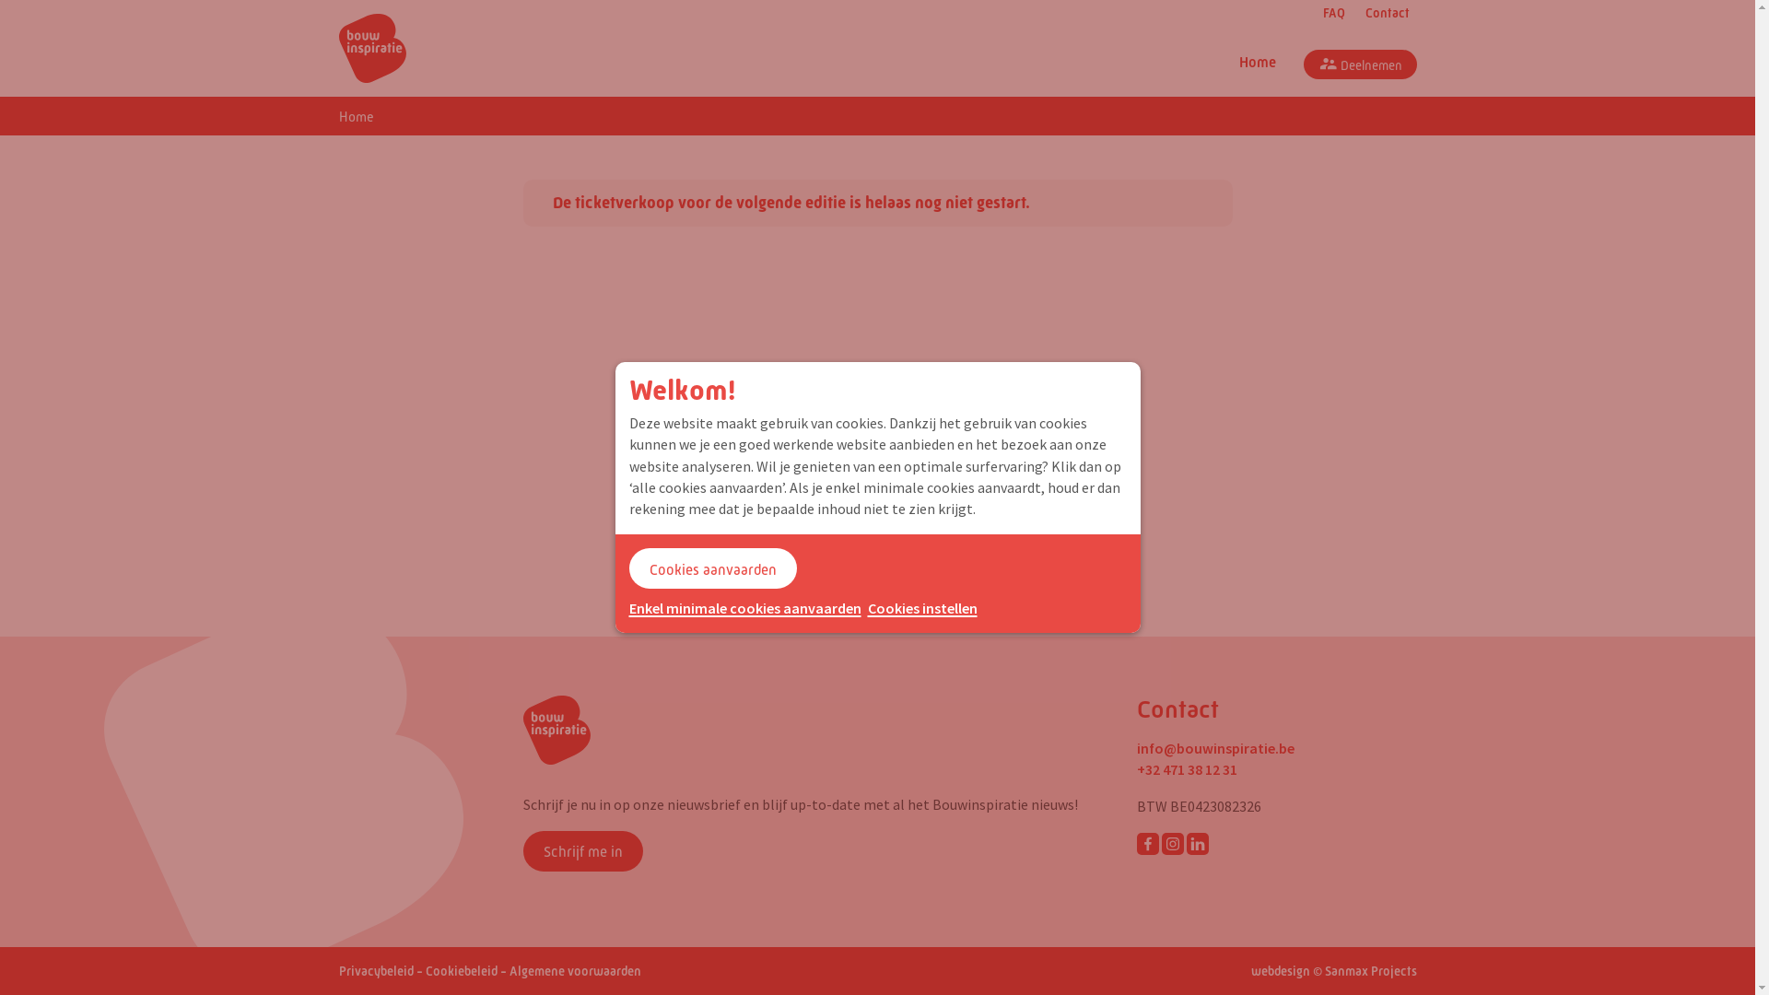  What do you see at coordinates (1353, 14) in the screenshot?
I see `'Contact'` at bounding box center [1353, 14].